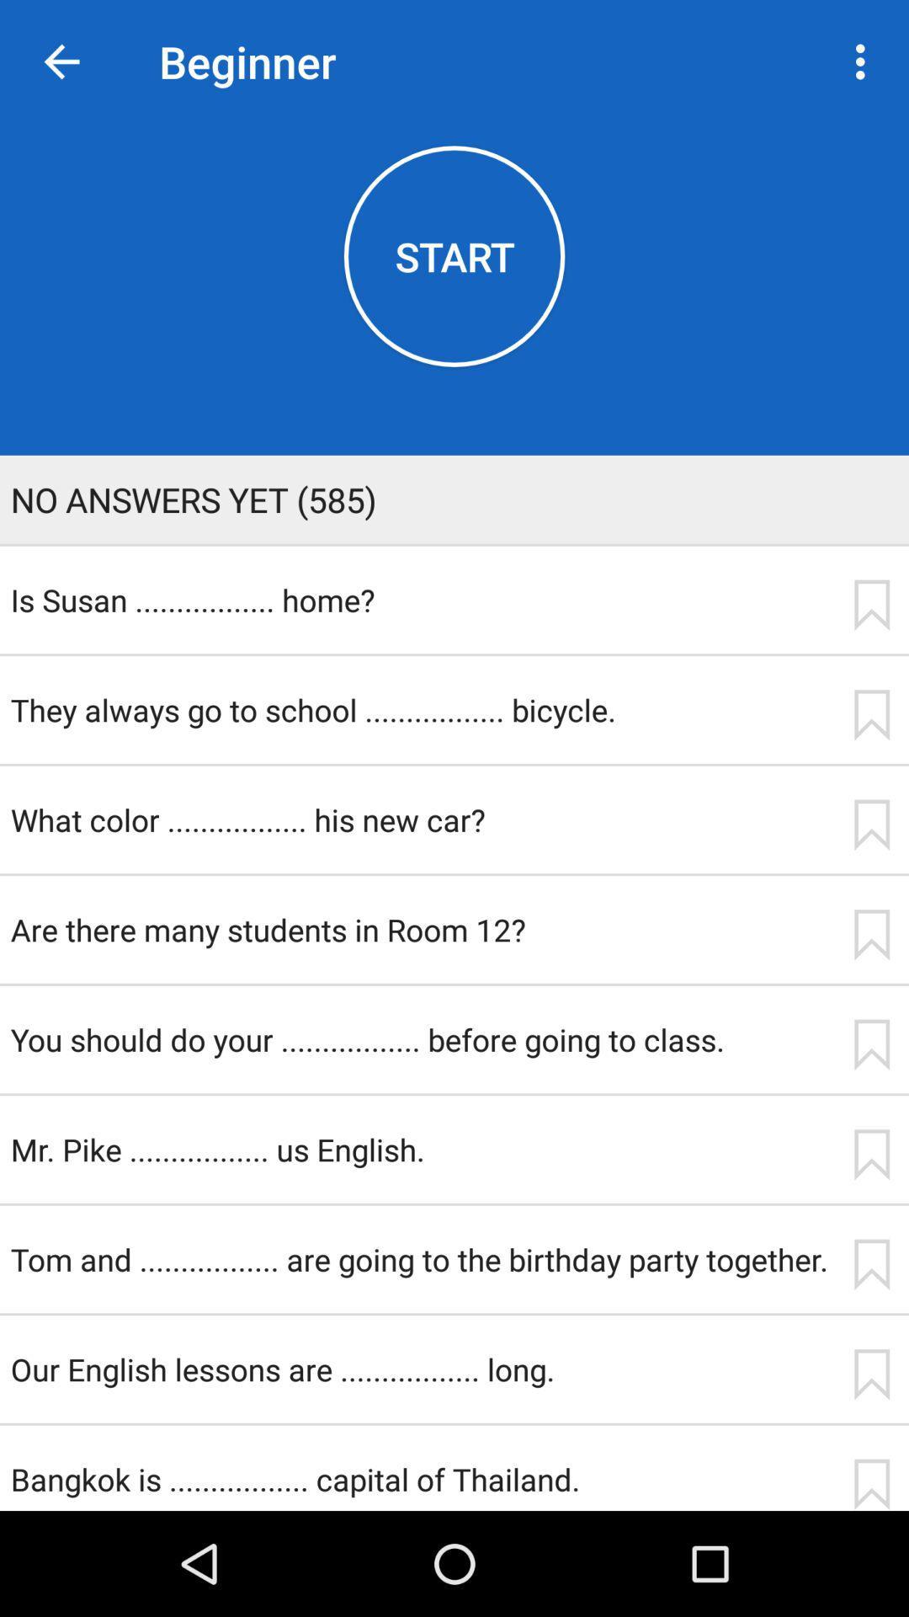 The height and width of the screenshot is (1617, 909). I want to click on the app next to our english lessons app, so click(871, 1374).